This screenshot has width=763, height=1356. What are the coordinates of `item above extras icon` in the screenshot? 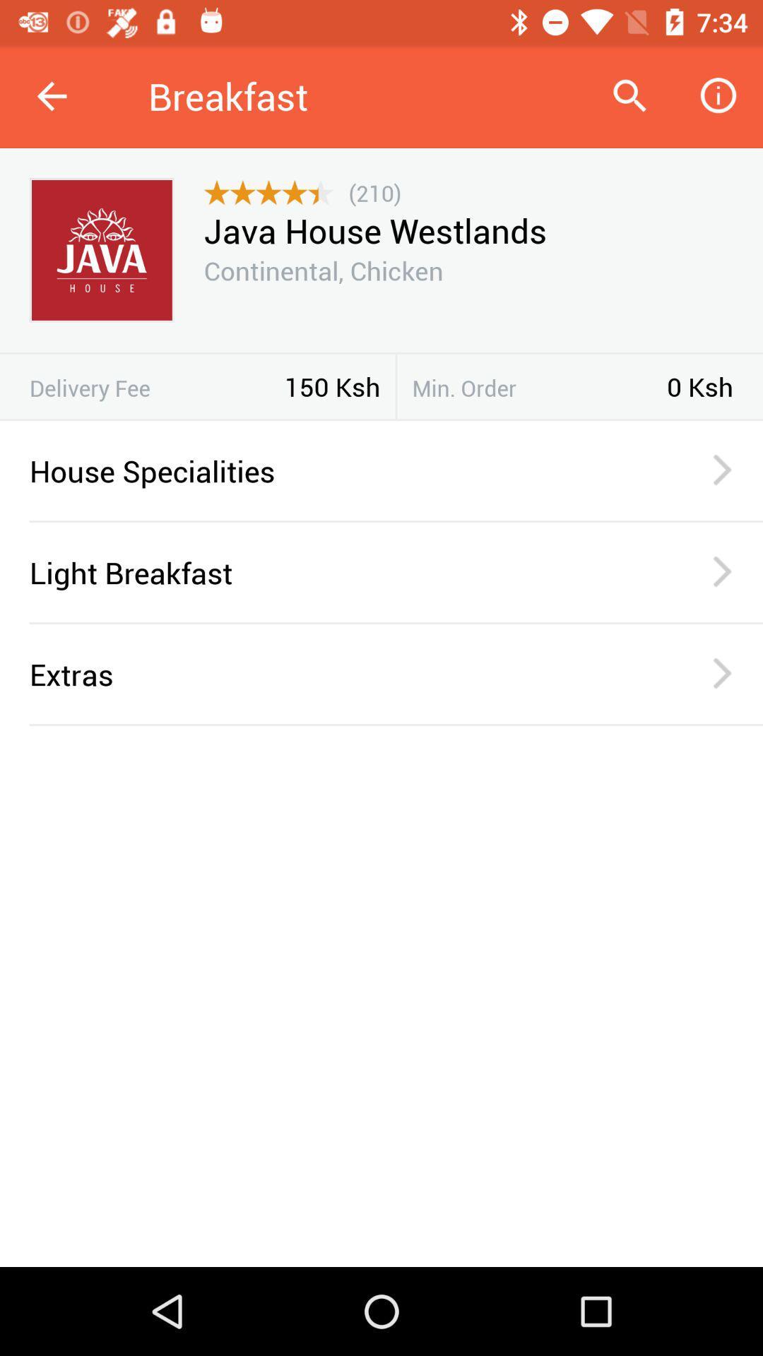 It's located at (396, 622).